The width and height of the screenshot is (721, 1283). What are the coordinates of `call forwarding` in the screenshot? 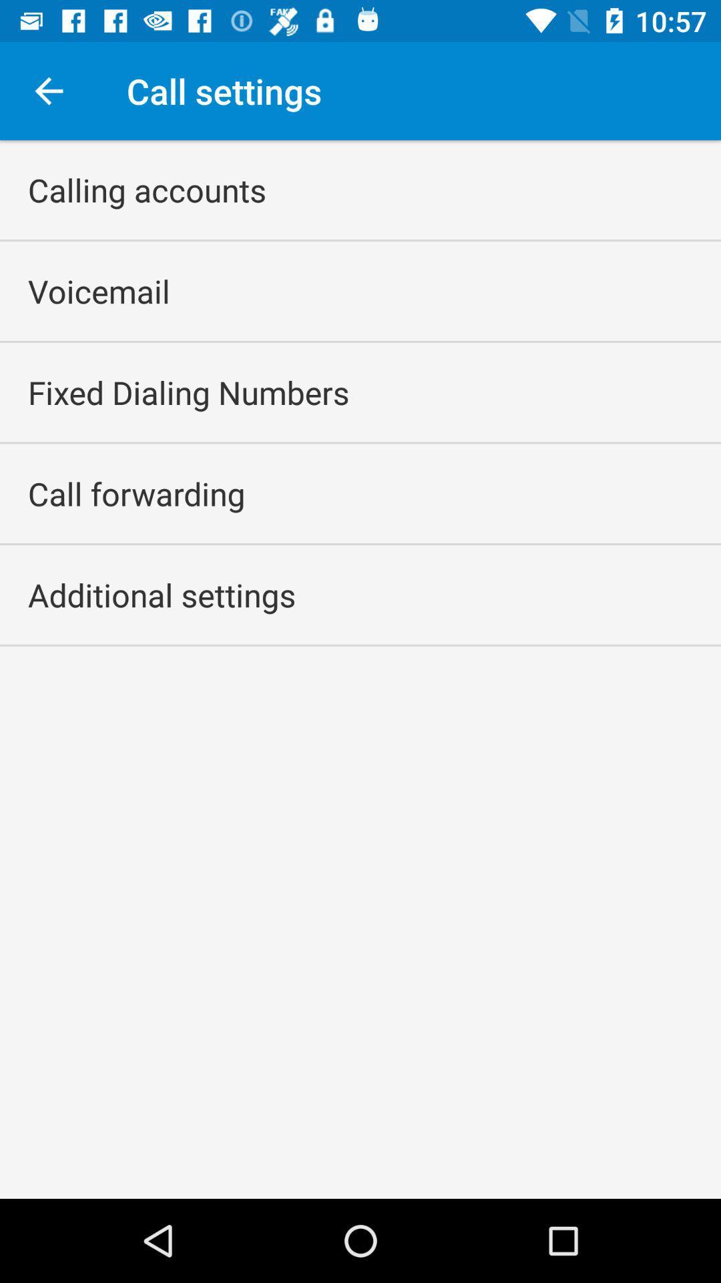 It's located at (136, 492).